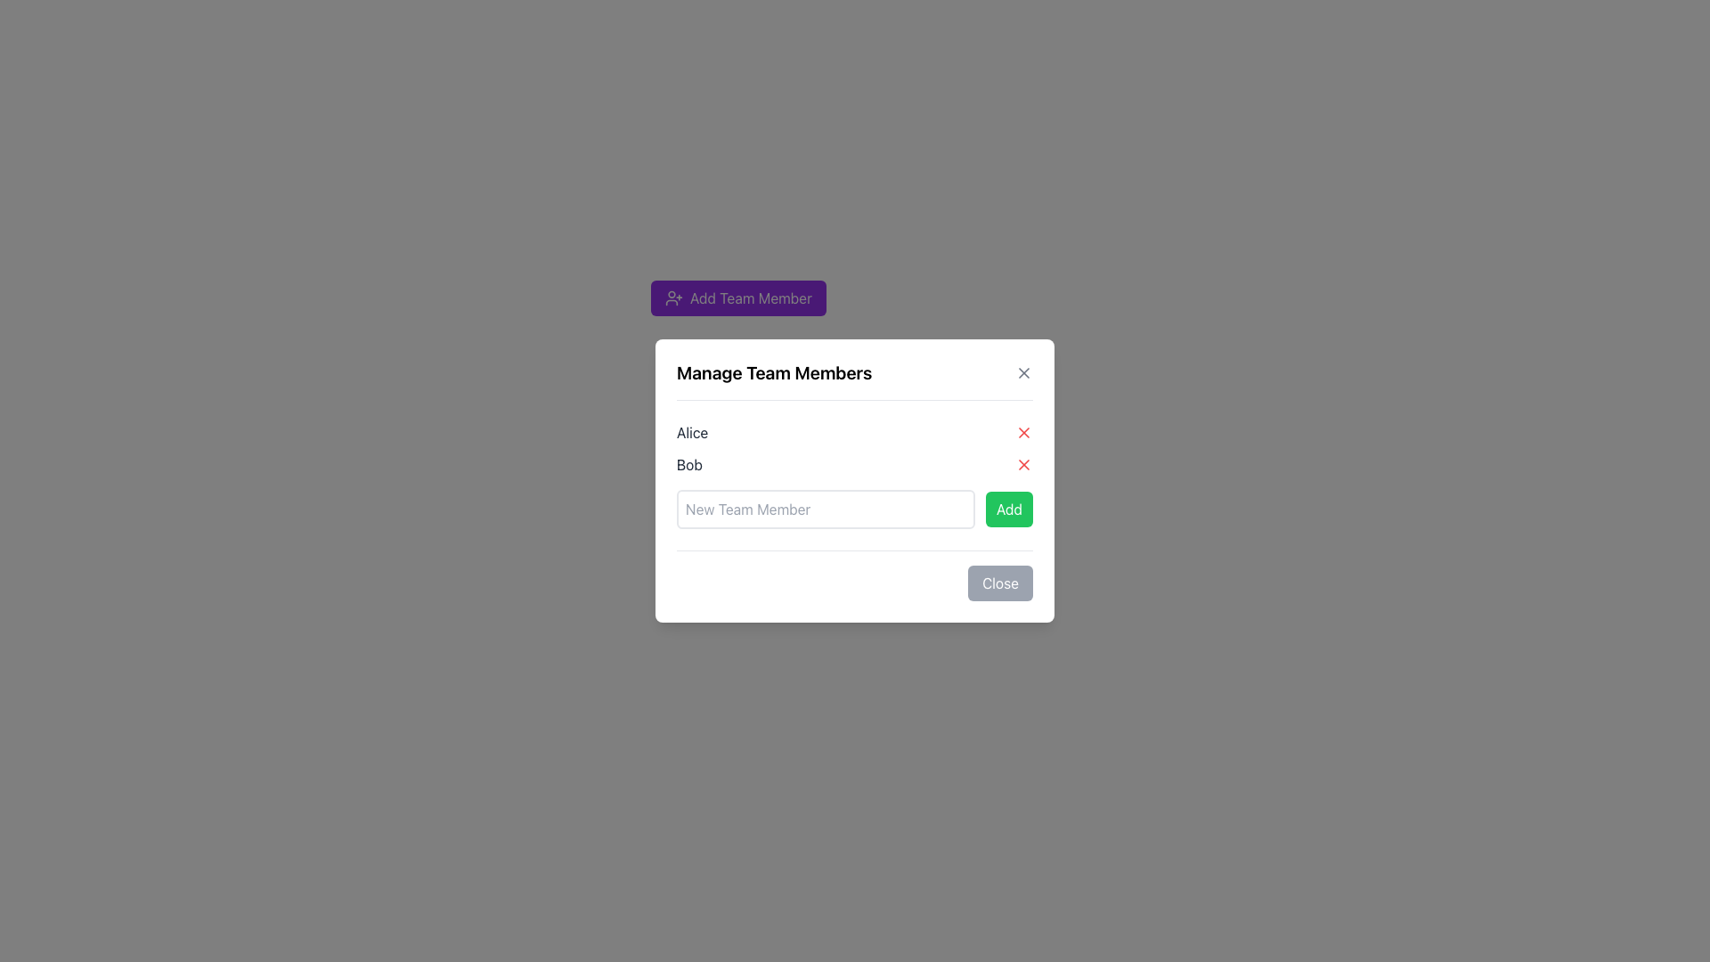 The width and height of the screenshot is (1710, 962). I want to click on the close button located at the bottom-right corner of the 'Manage Team Members' modal to initiate the closing of the dialog box, so click(855, 575).